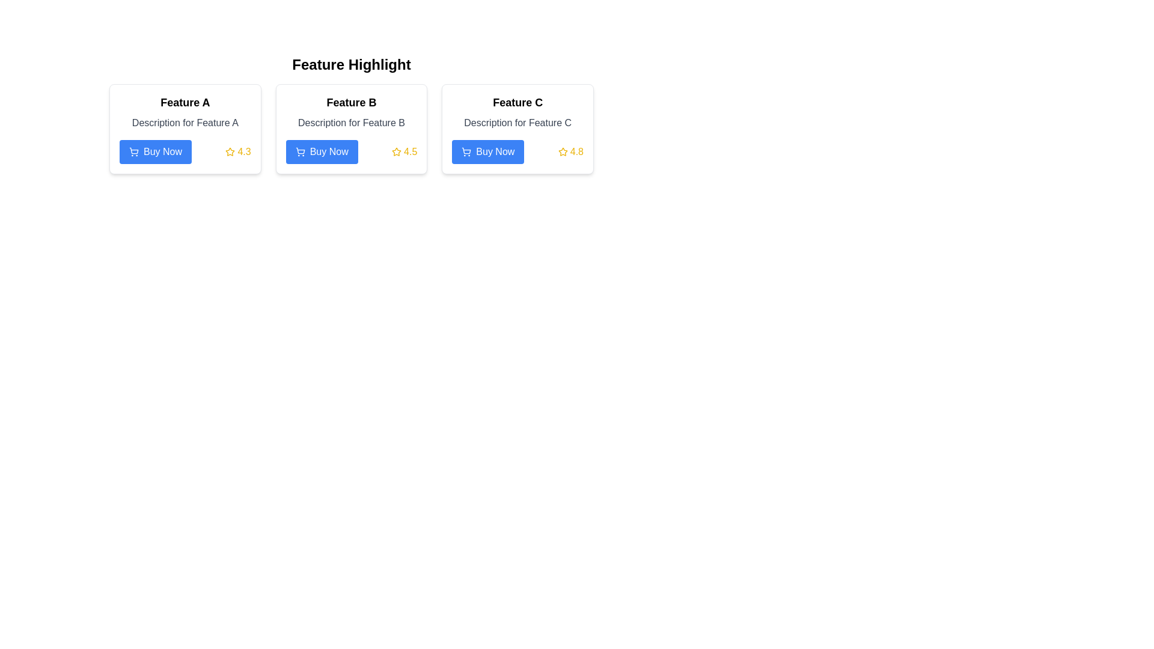  Describe the element at coordinates (185, 102) in the screenshot. I see `the text label located at the top-center of the first card in a horizontally aligned group of three cards, which serves as an identifier for the content below it` at that location.